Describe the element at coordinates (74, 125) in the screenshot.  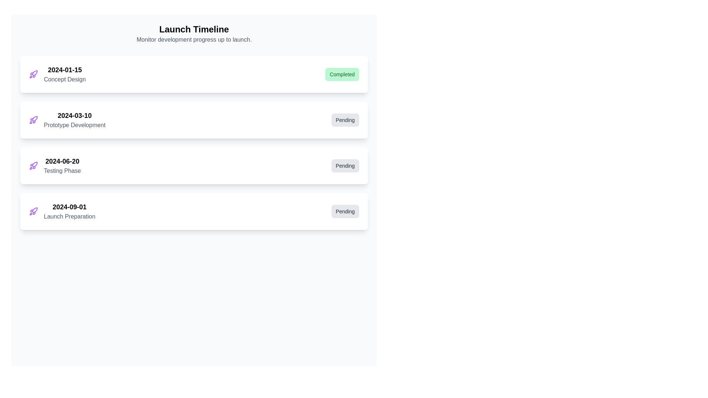
I see `the Static Label element displaying 'Prototype Development', which is styled in gray and located below the date '2024-03-10' in the 'Launch Timeline' section` at that location.